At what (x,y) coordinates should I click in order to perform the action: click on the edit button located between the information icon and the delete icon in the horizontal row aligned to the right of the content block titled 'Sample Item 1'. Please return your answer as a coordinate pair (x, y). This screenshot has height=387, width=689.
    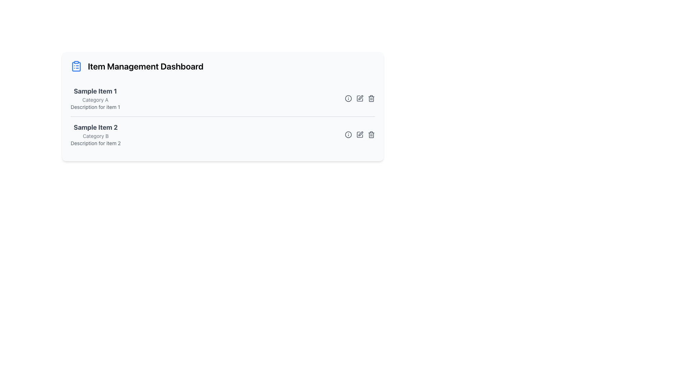
    Looking at the image, I should click on (360, 98).